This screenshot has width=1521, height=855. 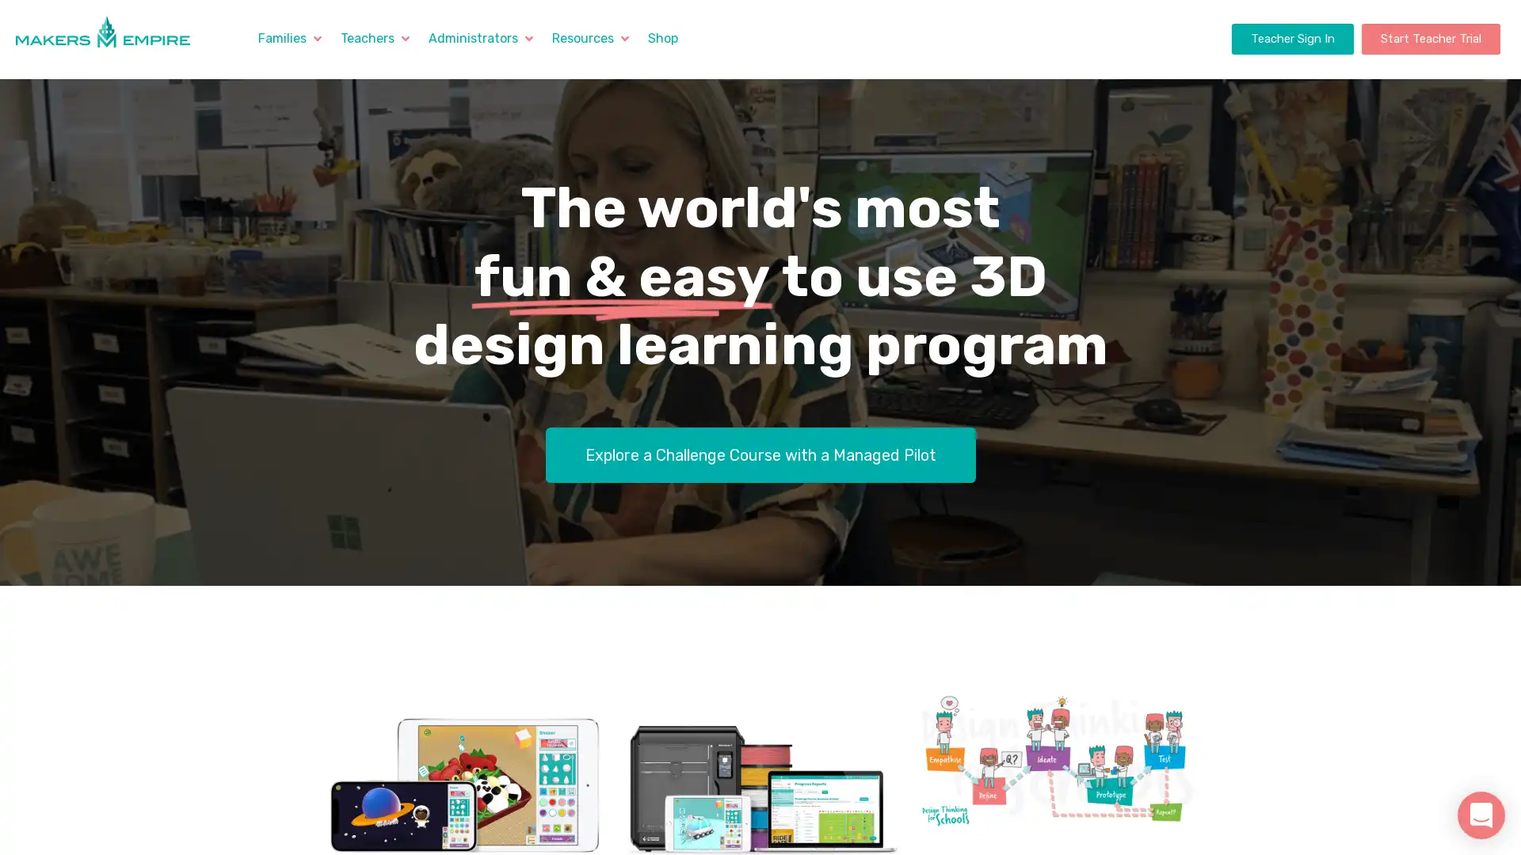 What do you see at coordinates (1430, 38) in the screenshot?
I see `Start Teacher Trial` at bounding box center [1430, 38].